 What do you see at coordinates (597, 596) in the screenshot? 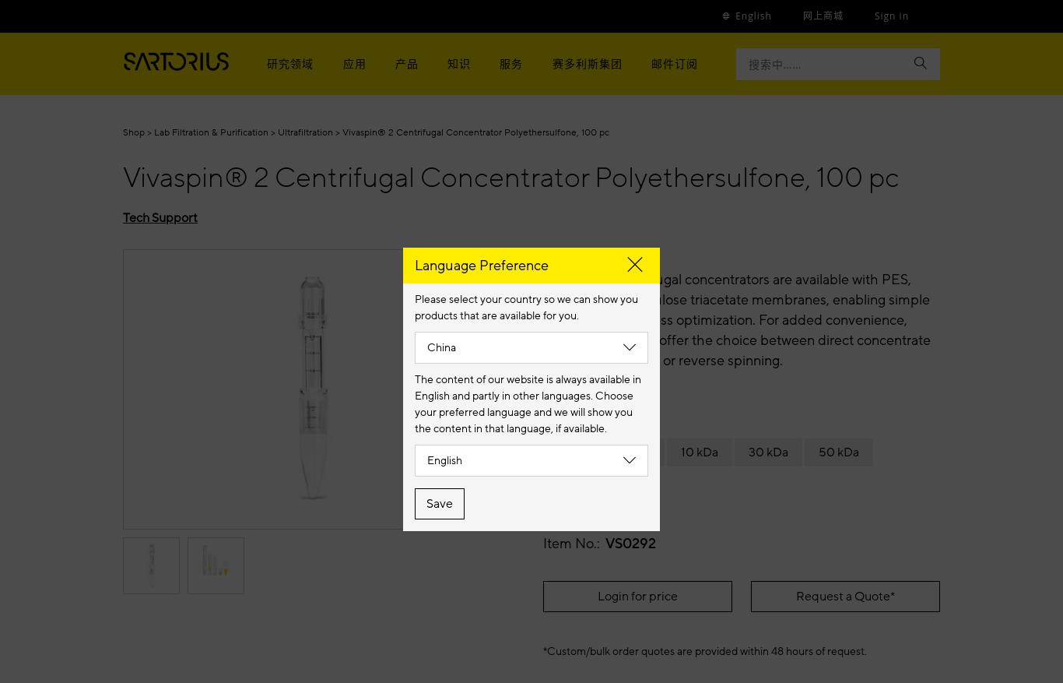
I see `'Login for price'` at bounding box center [597, 596].